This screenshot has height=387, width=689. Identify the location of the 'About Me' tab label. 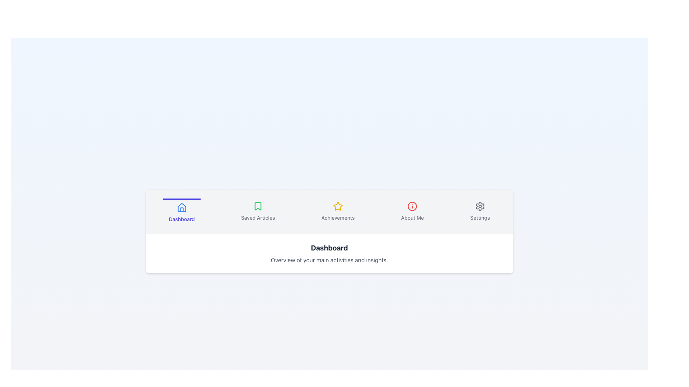
(412, 217).